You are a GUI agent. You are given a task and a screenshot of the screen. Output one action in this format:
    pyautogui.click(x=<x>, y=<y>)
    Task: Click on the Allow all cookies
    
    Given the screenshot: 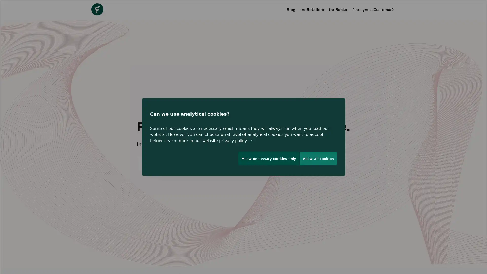 What is the action you would take?
    pyautogui.click(x=318, y=161)
    